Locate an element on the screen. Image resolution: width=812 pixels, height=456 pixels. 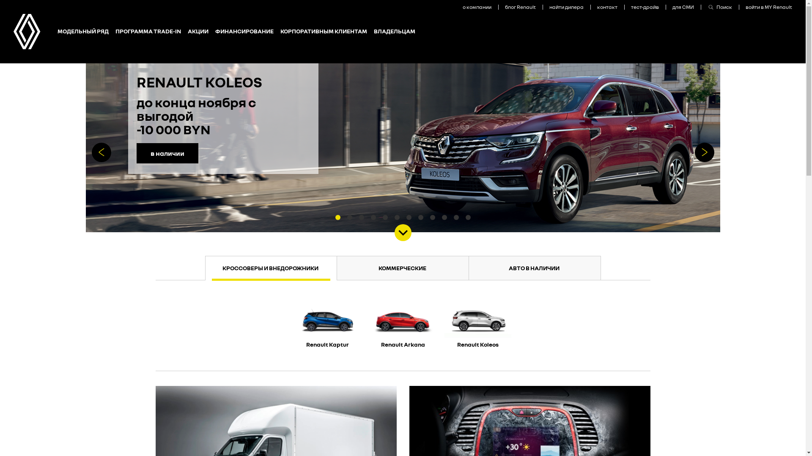
'Renault Koleos' is located at coordinates (477, 326).